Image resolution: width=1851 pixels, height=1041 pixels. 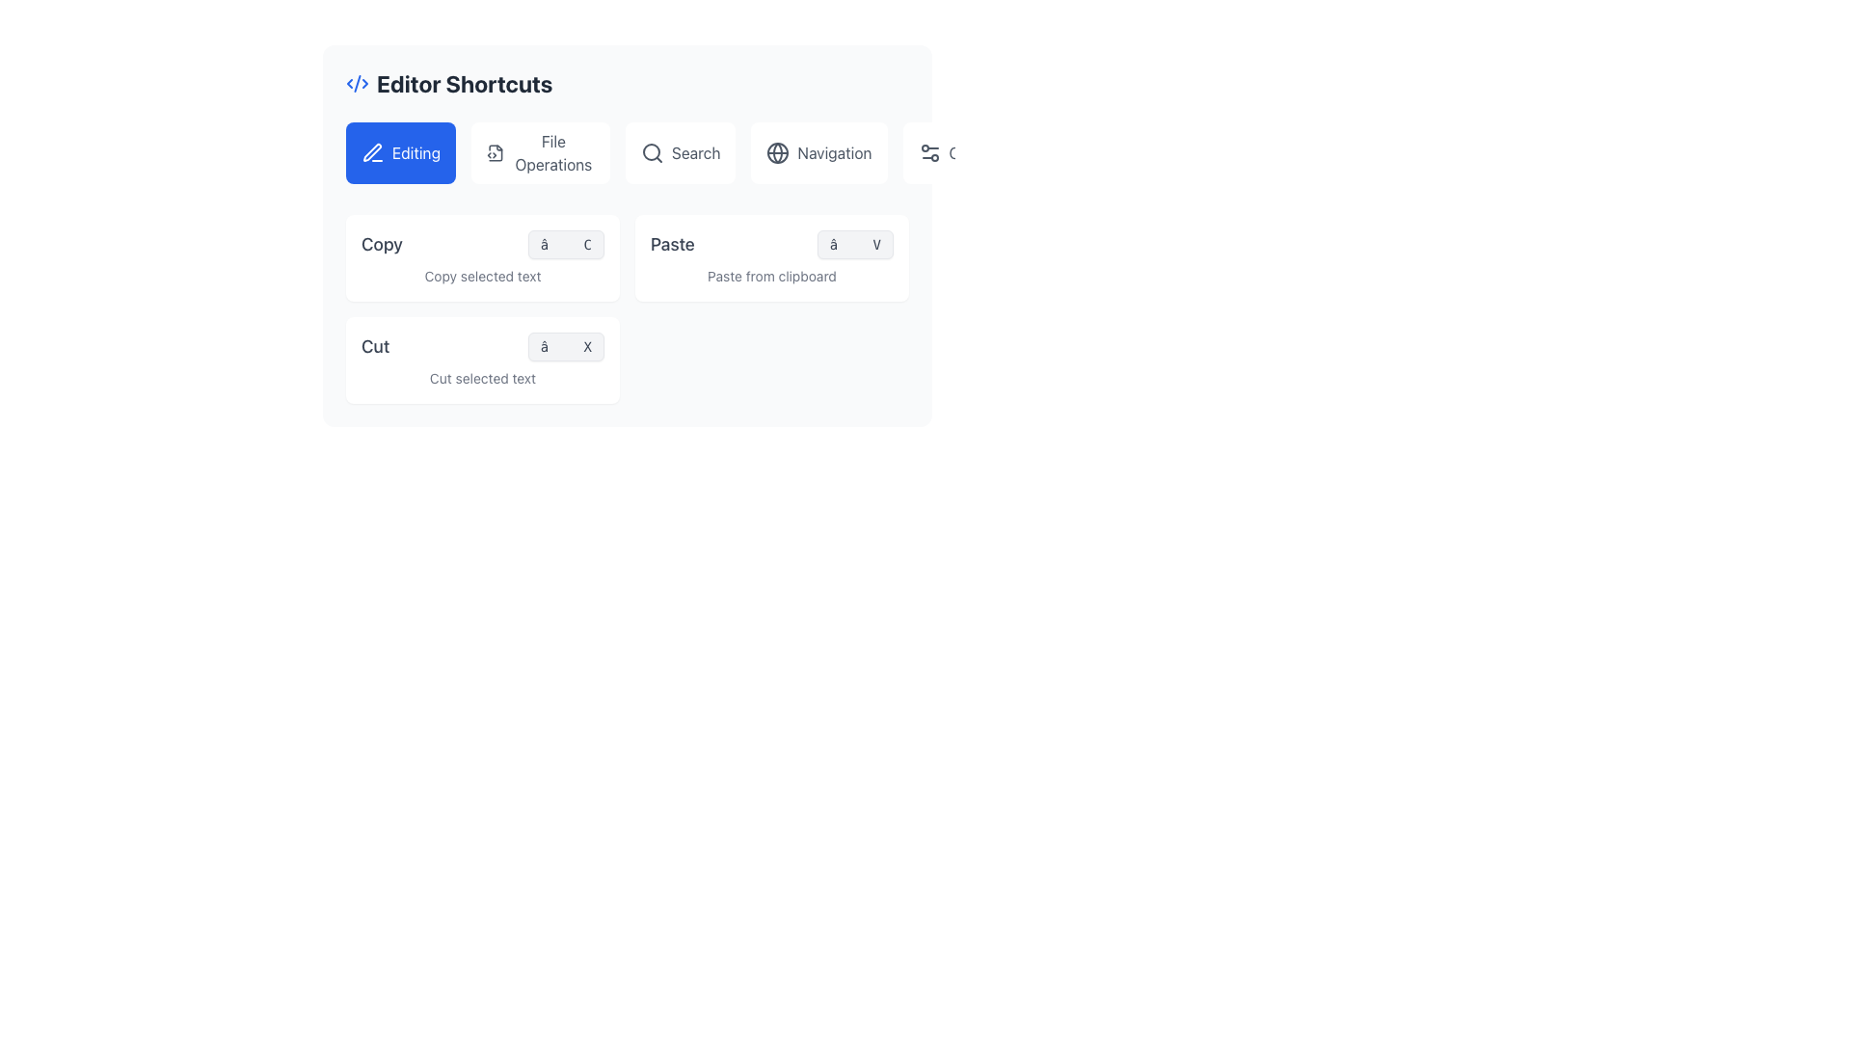 I want to click on the 'Navigation' button, which is a rectangular element with rounded corners, white background, and a globe icon, positioned below the heading 'Editor Shortcuts' as the fourth item in a horizontal list, so click(x=818, y=151).